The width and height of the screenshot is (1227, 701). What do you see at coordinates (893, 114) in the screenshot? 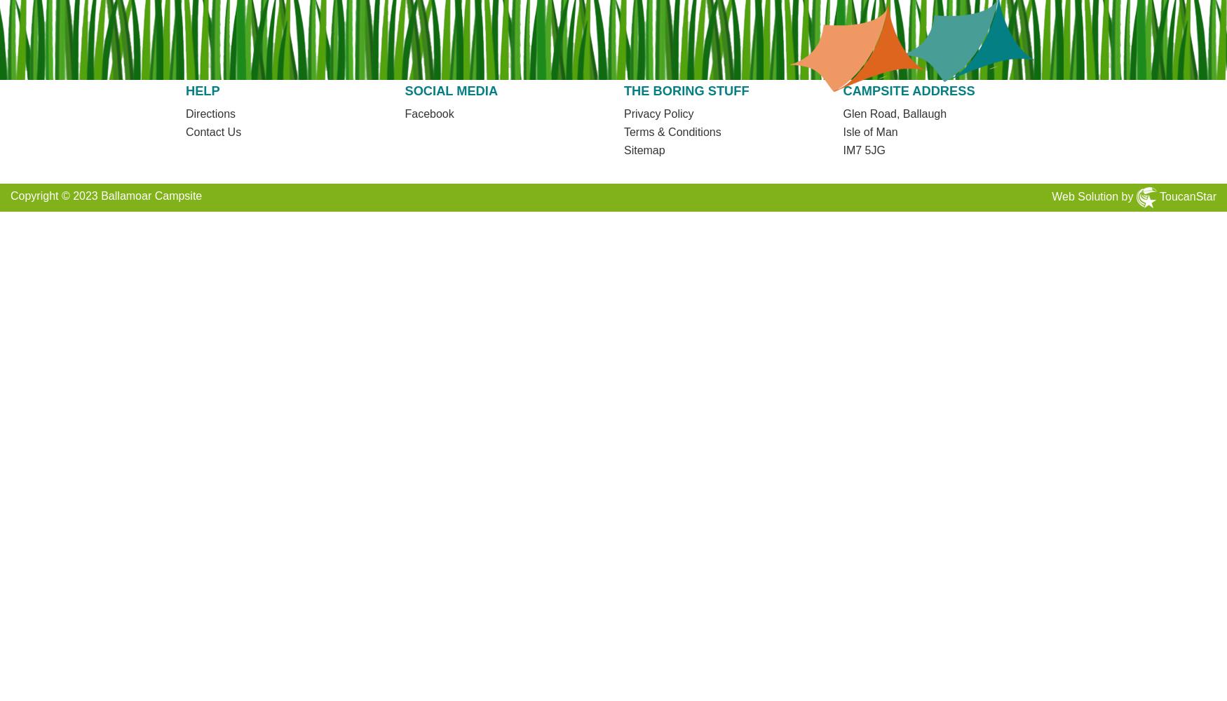
I see `'Glen Road, Ballaugh'` at bounding box center [893, 114].